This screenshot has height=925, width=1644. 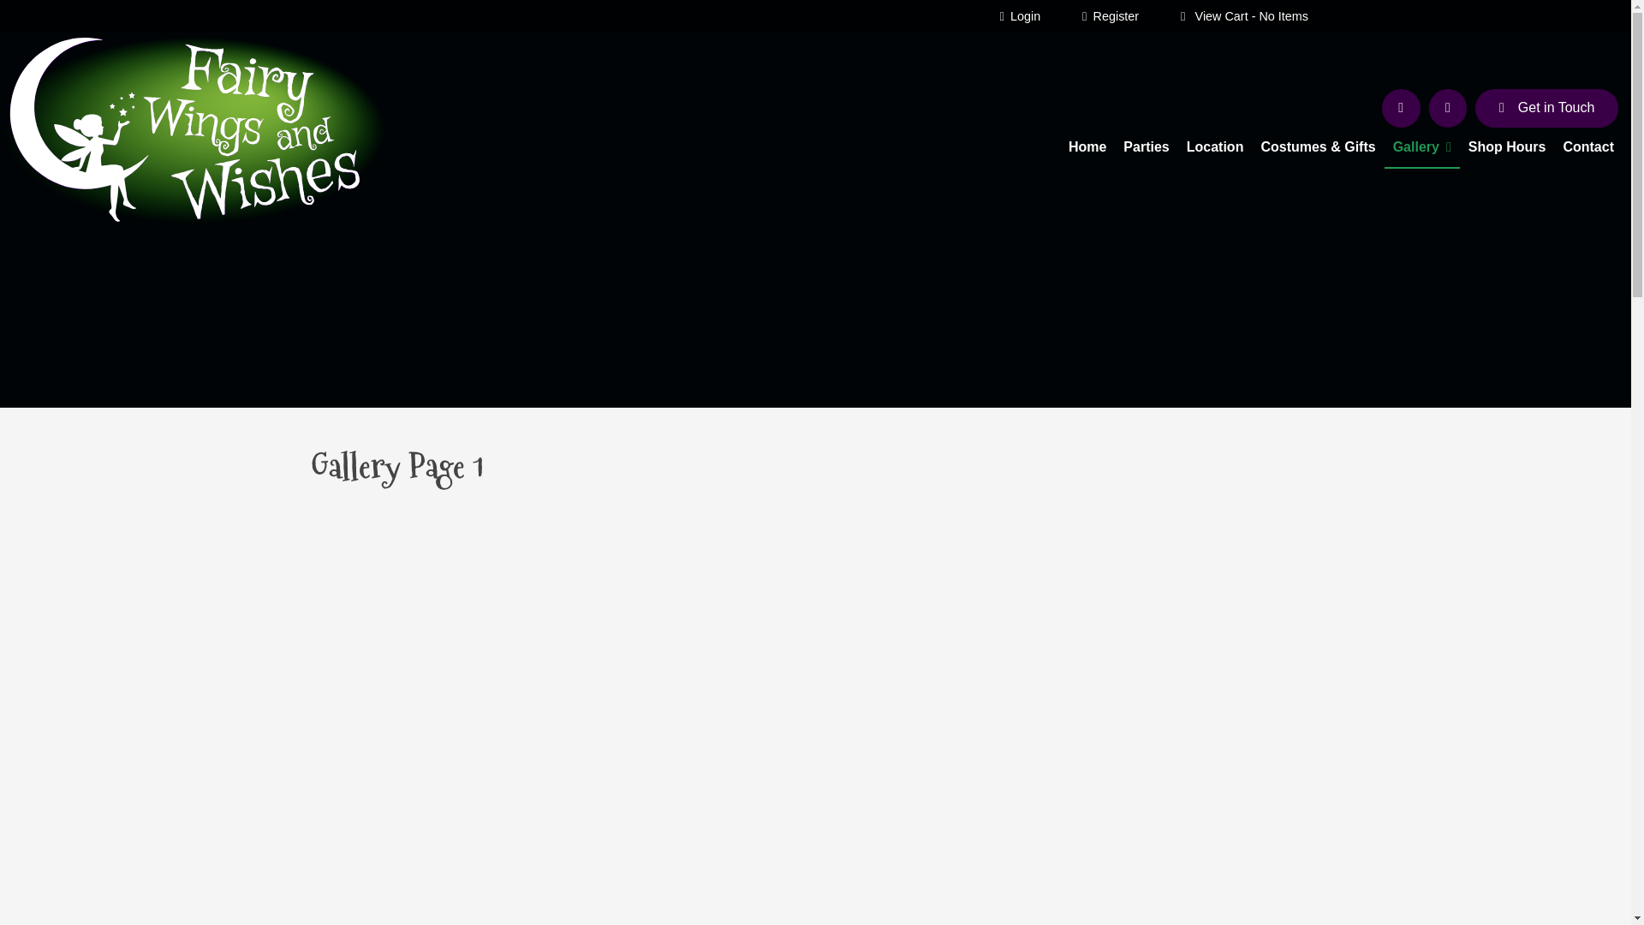 I want to click on 'Shop Hours', so click(x=1458, y=147).